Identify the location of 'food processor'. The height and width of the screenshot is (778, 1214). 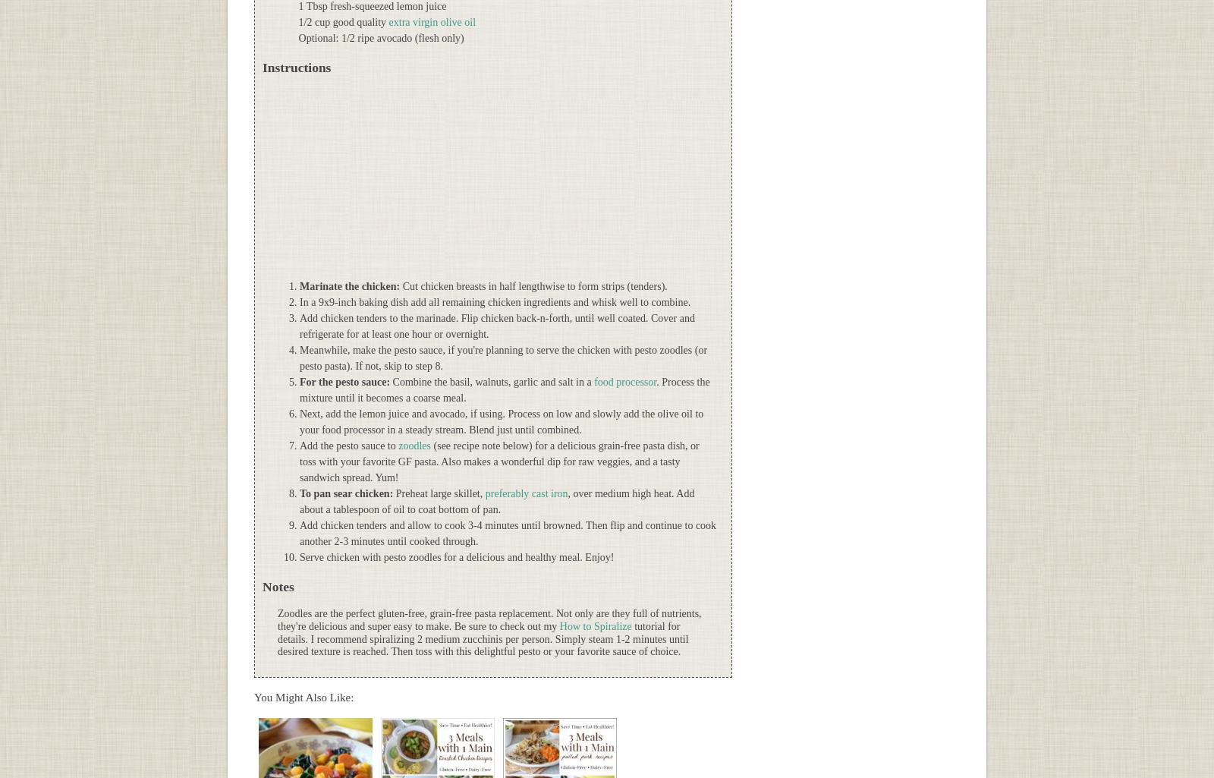
(624, 382).